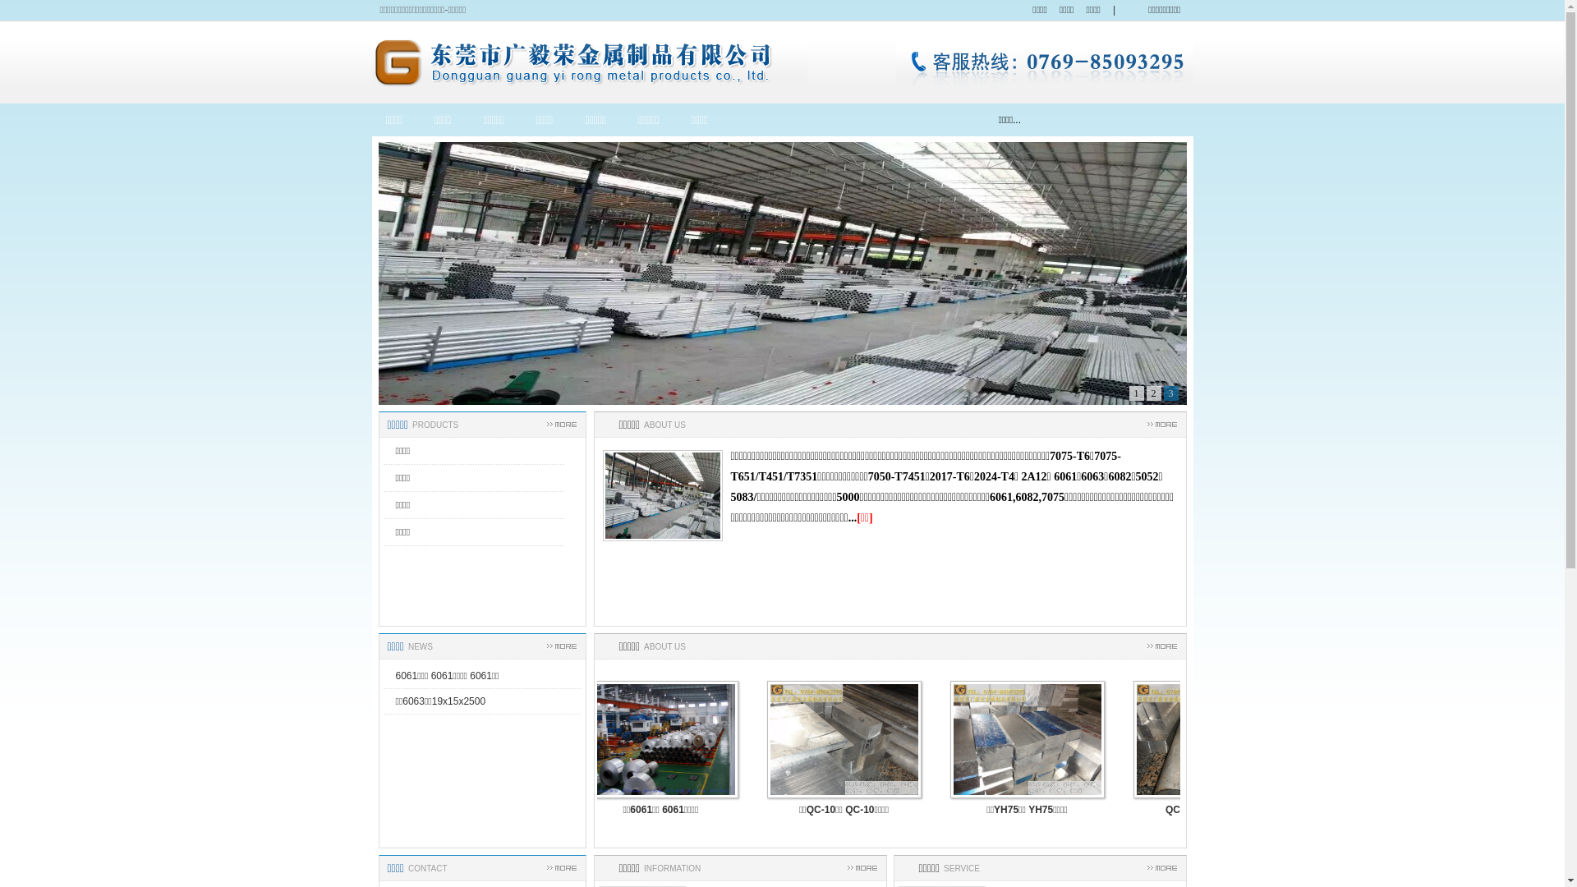  What do you see at coordinates (1114, 10) in the screenshot?
I see `'|'` at bounding box center [1114, 10].